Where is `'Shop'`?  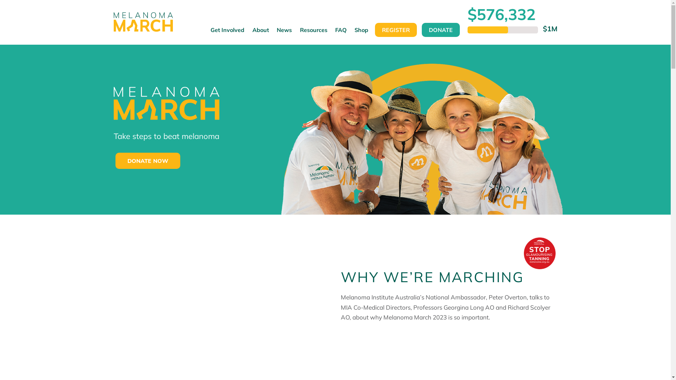 'Shop' is located at coordinates (351, 33).